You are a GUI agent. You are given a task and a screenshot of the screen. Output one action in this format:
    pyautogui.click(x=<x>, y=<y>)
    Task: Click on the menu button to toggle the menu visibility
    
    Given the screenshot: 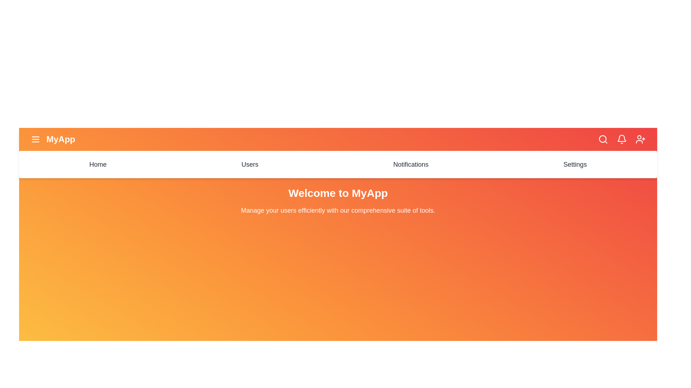 What is the action you would take?
    pyautogui.click(x=35, y=139)
    